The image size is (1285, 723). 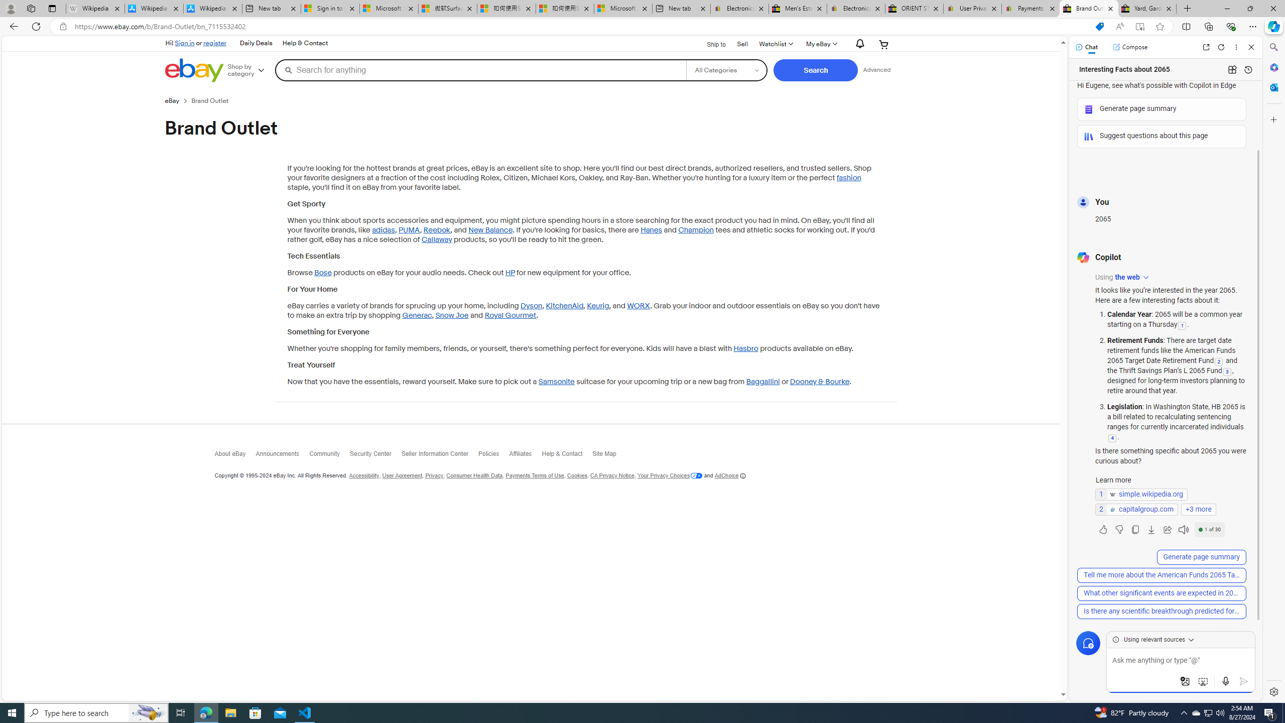 I want to click on 'KitchenAid', so click(x=565, y=305).